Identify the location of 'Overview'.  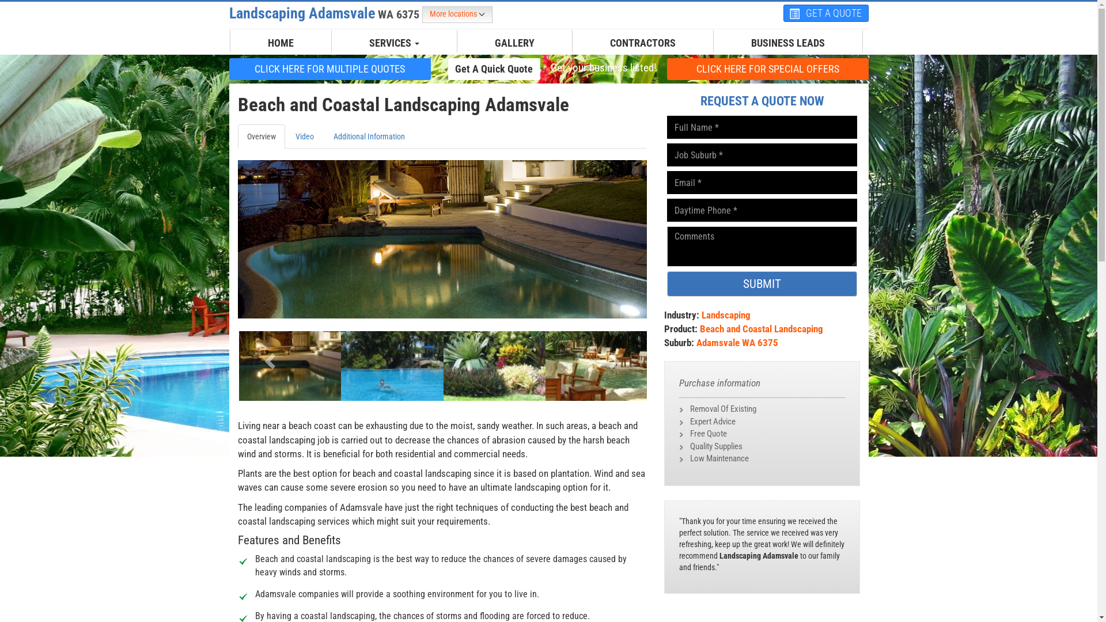
(260, 135).